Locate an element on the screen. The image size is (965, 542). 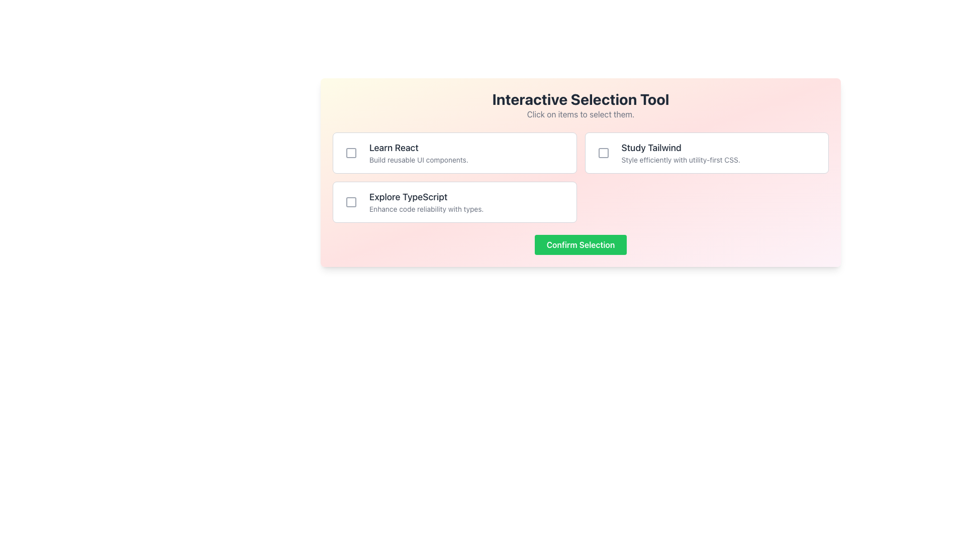
the interactive checkbox located to the left of the 'Study Tailwind' button for feedback is located at coordinates (603, 153).